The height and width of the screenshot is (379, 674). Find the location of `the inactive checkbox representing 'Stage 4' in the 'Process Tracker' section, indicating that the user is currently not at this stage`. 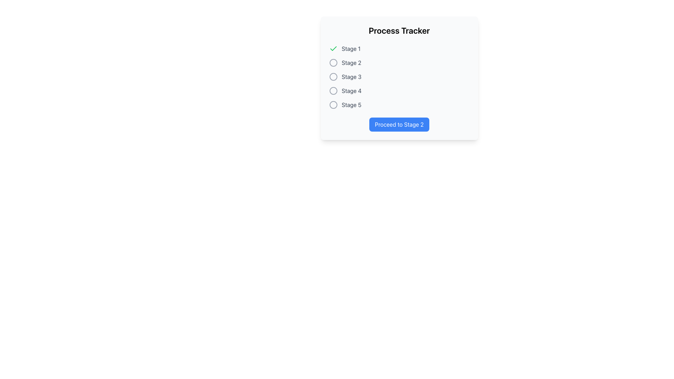

the inactive checkbox representing 'Stage 4' in the 'Process Tracker' section, indicating that the user is currently not at this stage is located at coordinates (333, 90).